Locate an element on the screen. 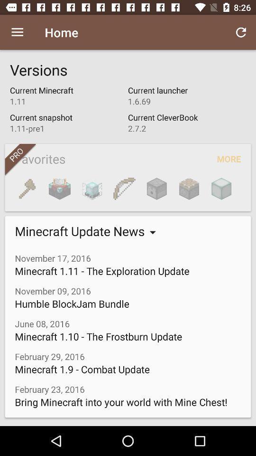 This screenshot has height=456, width=256. the item below the favorites icon is located at coordinates (189, 188).